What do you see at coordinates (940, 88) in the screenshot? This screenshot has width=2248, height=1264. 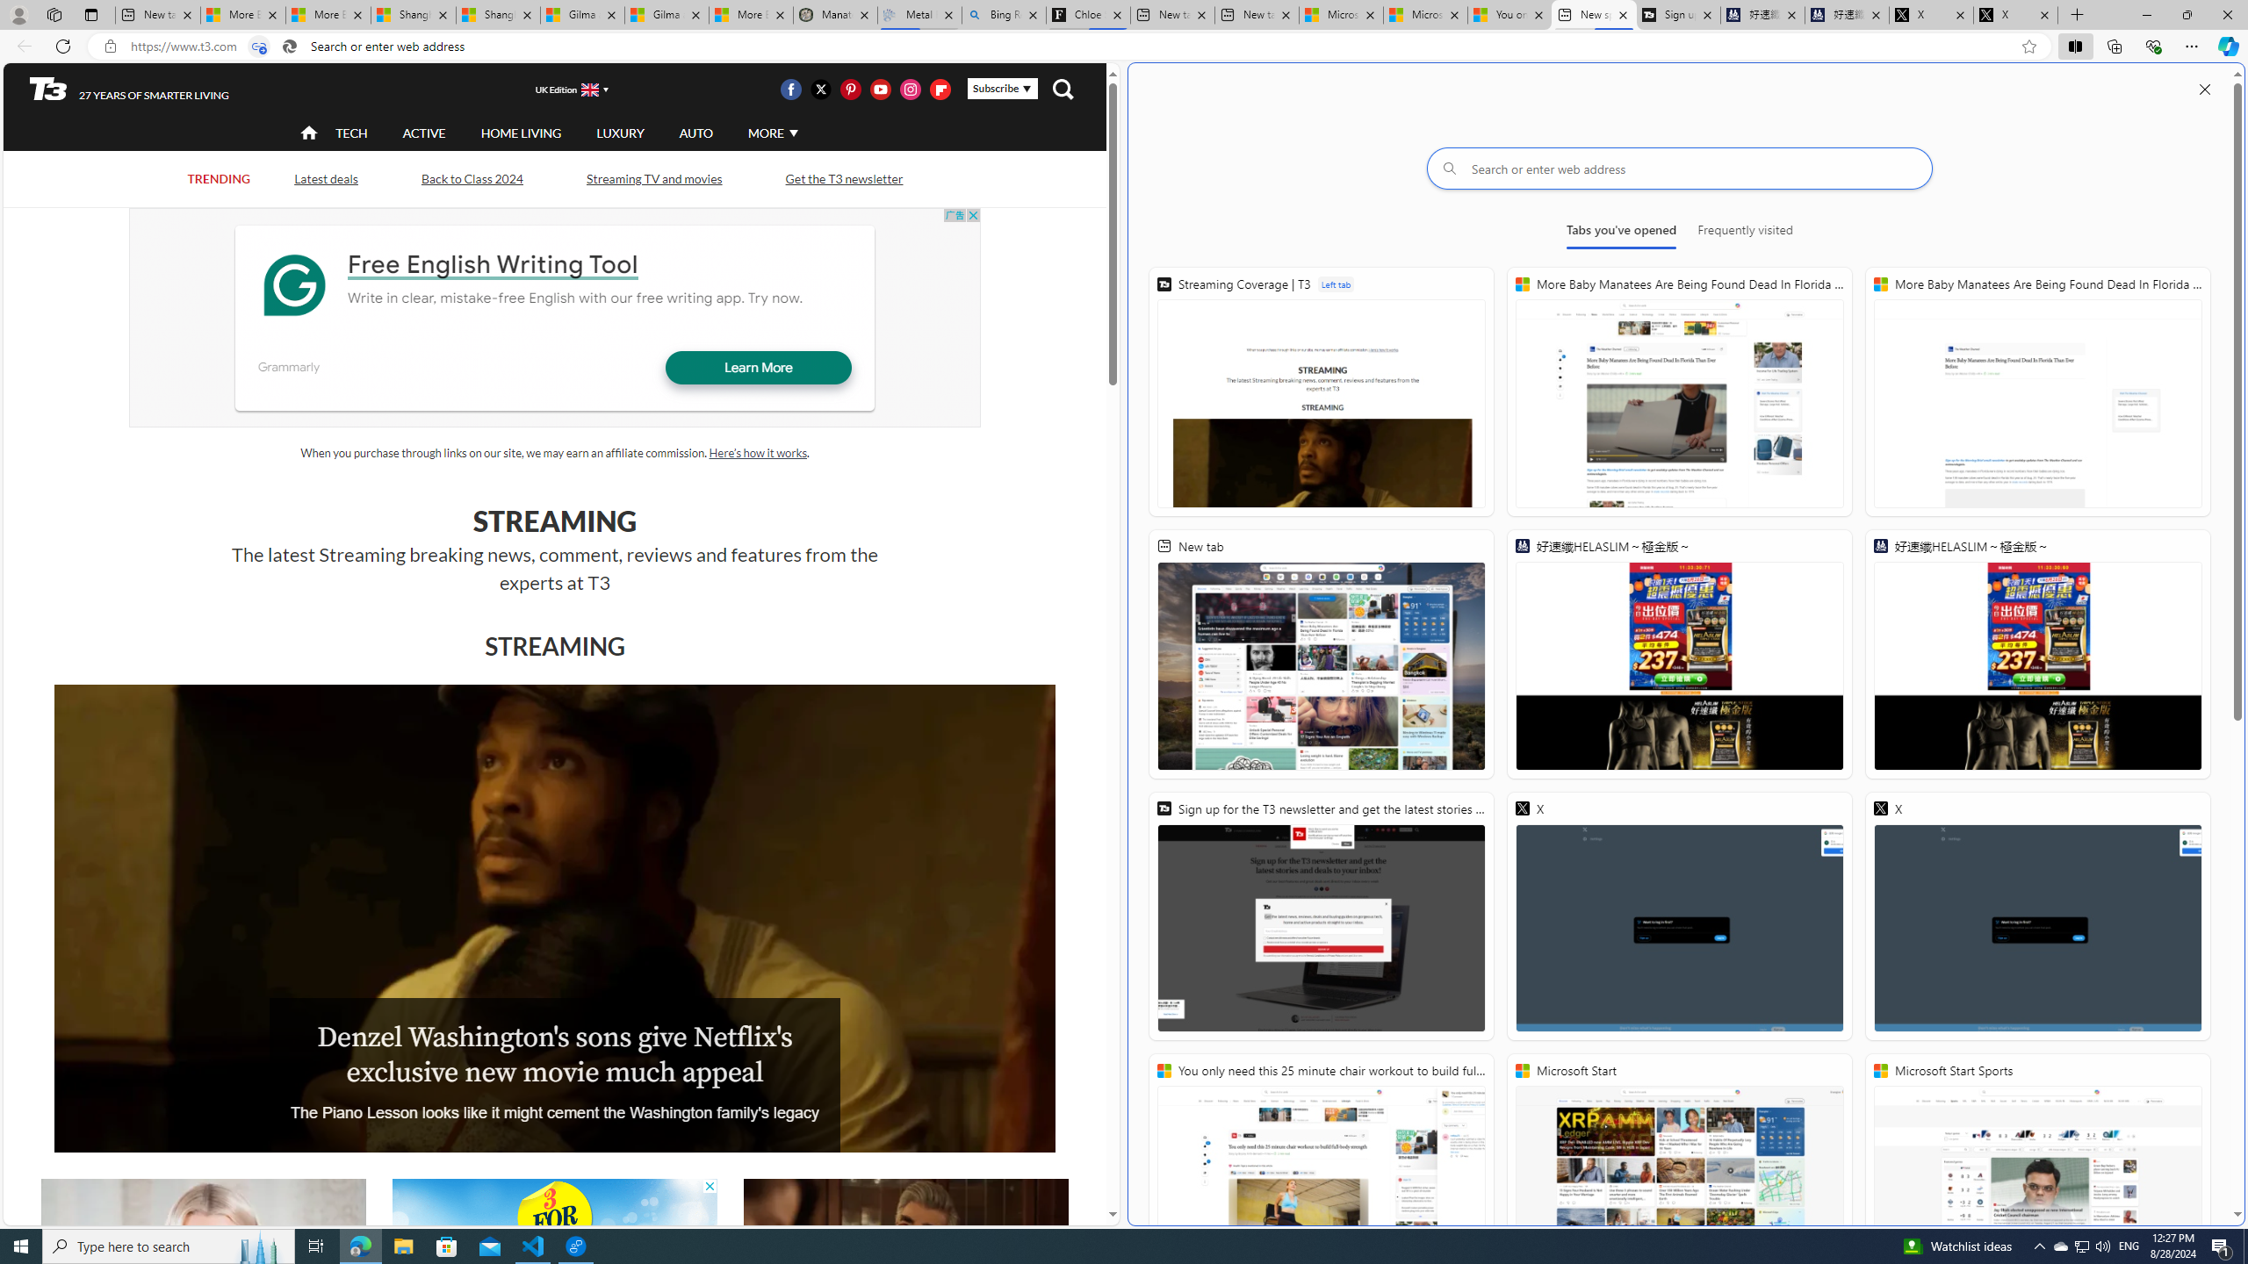 I see `'Class: icon-svg'` at bounding box center [940, 88].